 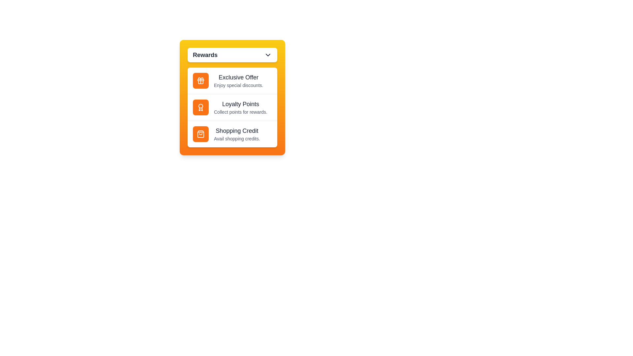 I want to click on the text label that displays the phrase 'Enjoy special discounts.' which is positioned directly below the heading 'Exclusive Offer' inside an orange-bordered card in the rewards section, so click(x=238, y=85).